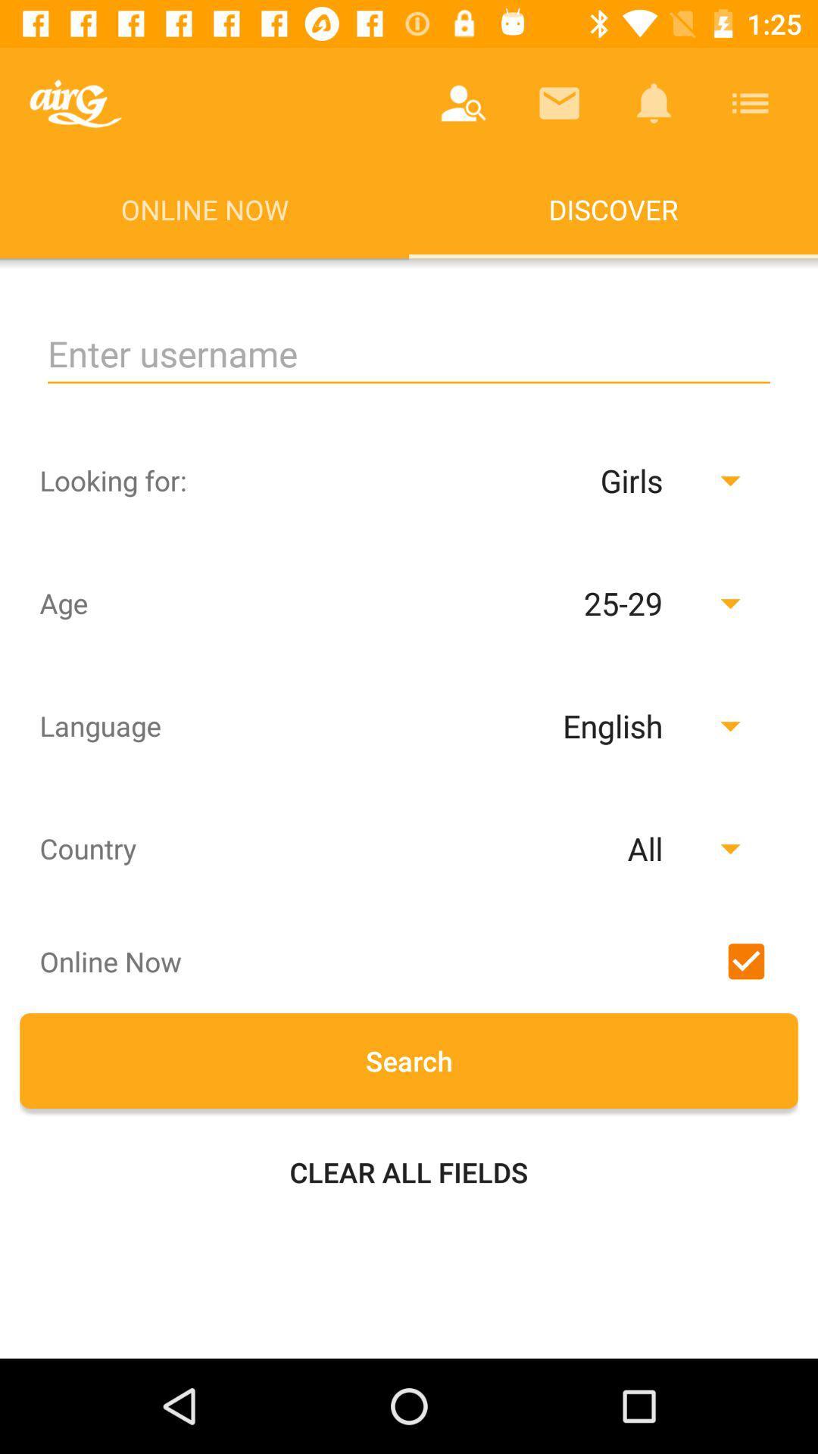 The image size is (818, 1454). I want to click on the icon to the left of the discover icon, so click(75, 102).